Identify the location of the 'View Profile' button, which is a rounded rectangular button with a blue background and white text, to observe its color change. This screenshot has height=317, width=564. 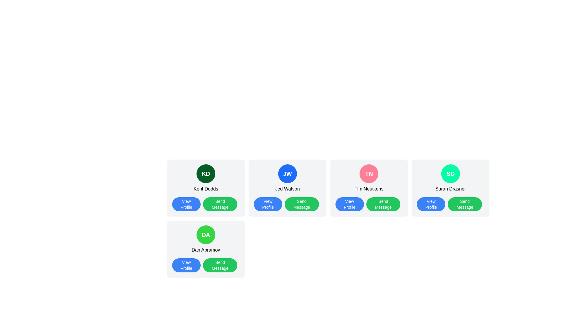
(350, 204).